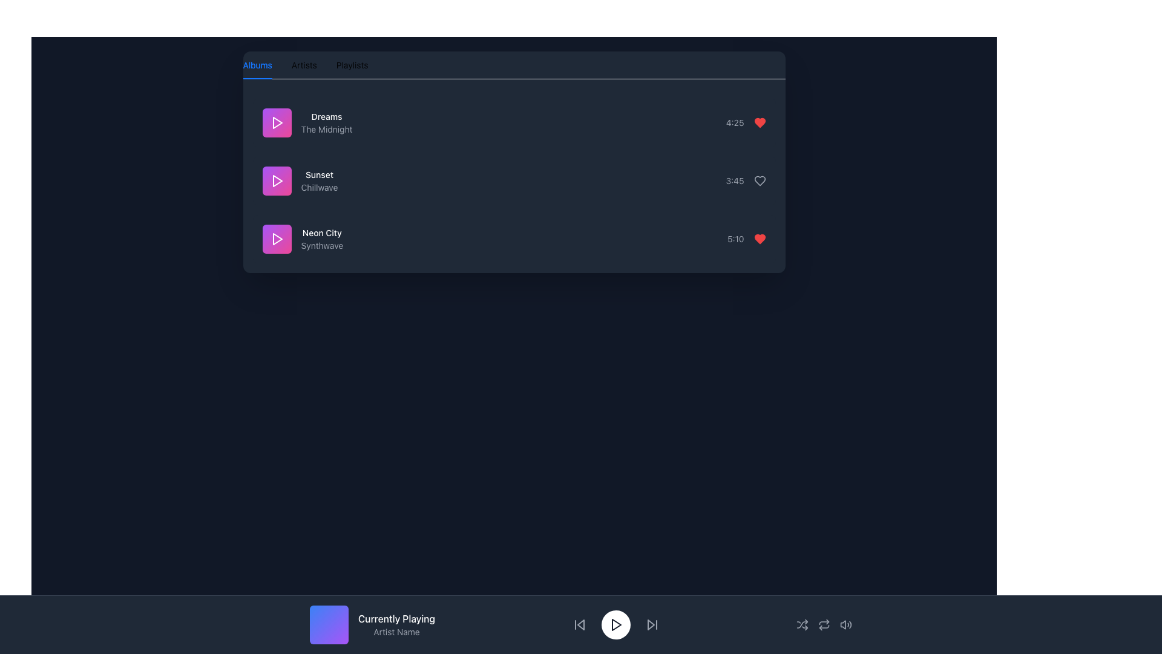 This screenshot has width=1162, height=654. Describe the element at coordinates (276, 239) in the screenshot. I see `the play button for the media item labeled 'Neon CitySynthwave'` at that location.